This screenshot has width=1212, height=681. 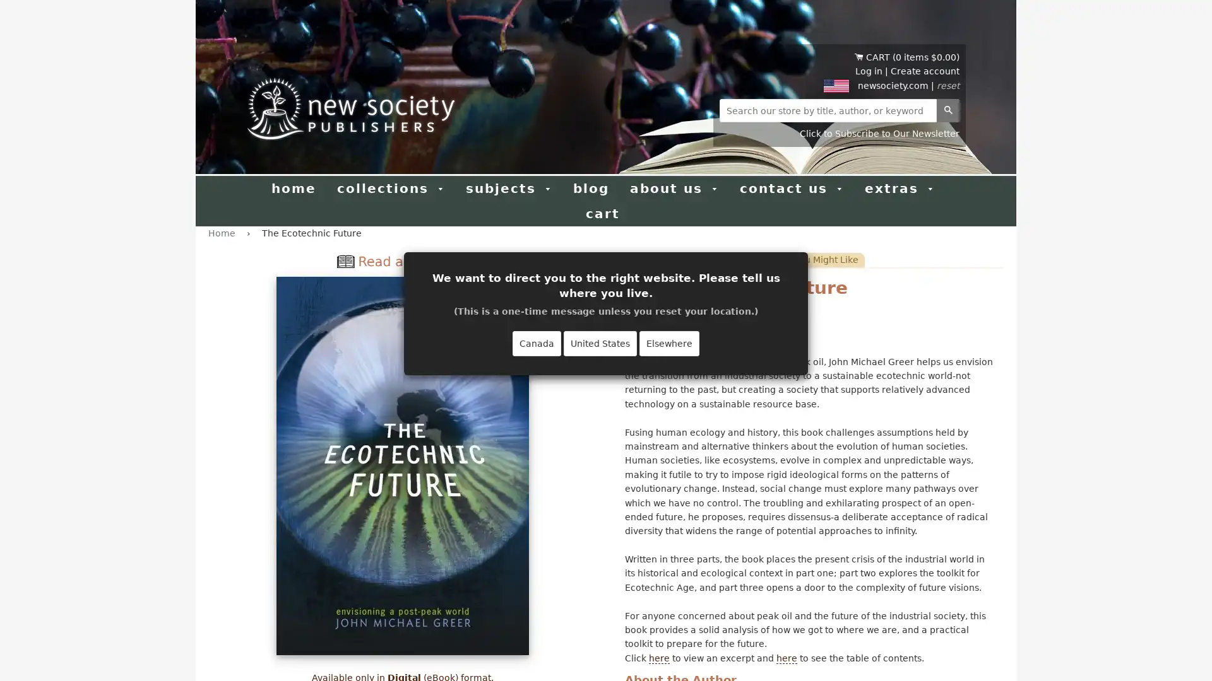 What do you see at coordinates (948, 110) in the screenshot?
I see `Search` at bounding box center [948, 110].